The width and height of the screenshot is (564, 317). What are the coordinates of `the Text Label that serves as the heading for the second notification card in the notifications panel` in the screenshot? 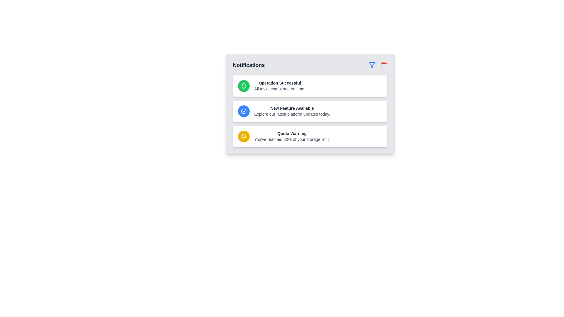 It's located at (292, 108).